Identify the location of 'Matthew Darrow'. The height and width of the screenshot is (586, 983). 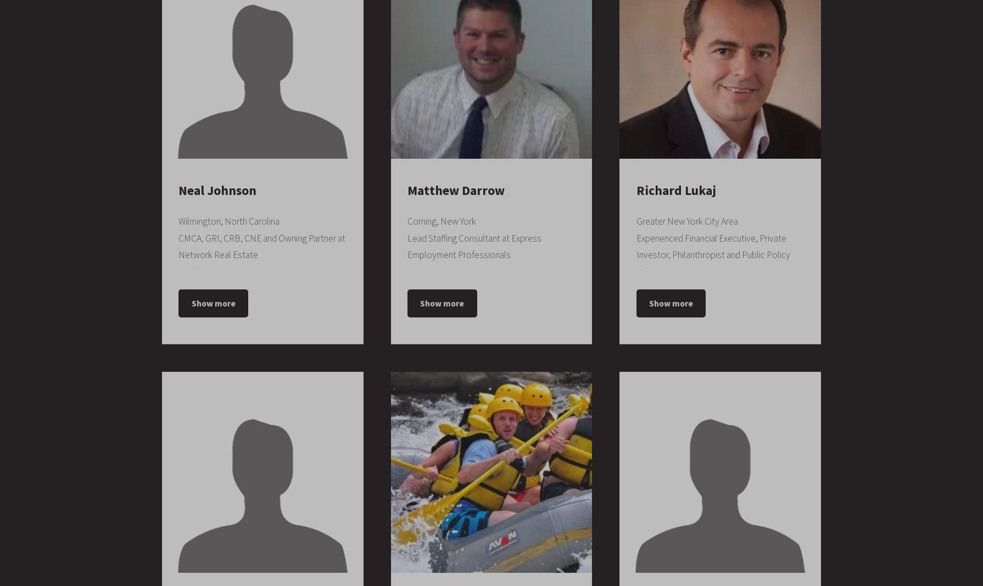
(455, 190).